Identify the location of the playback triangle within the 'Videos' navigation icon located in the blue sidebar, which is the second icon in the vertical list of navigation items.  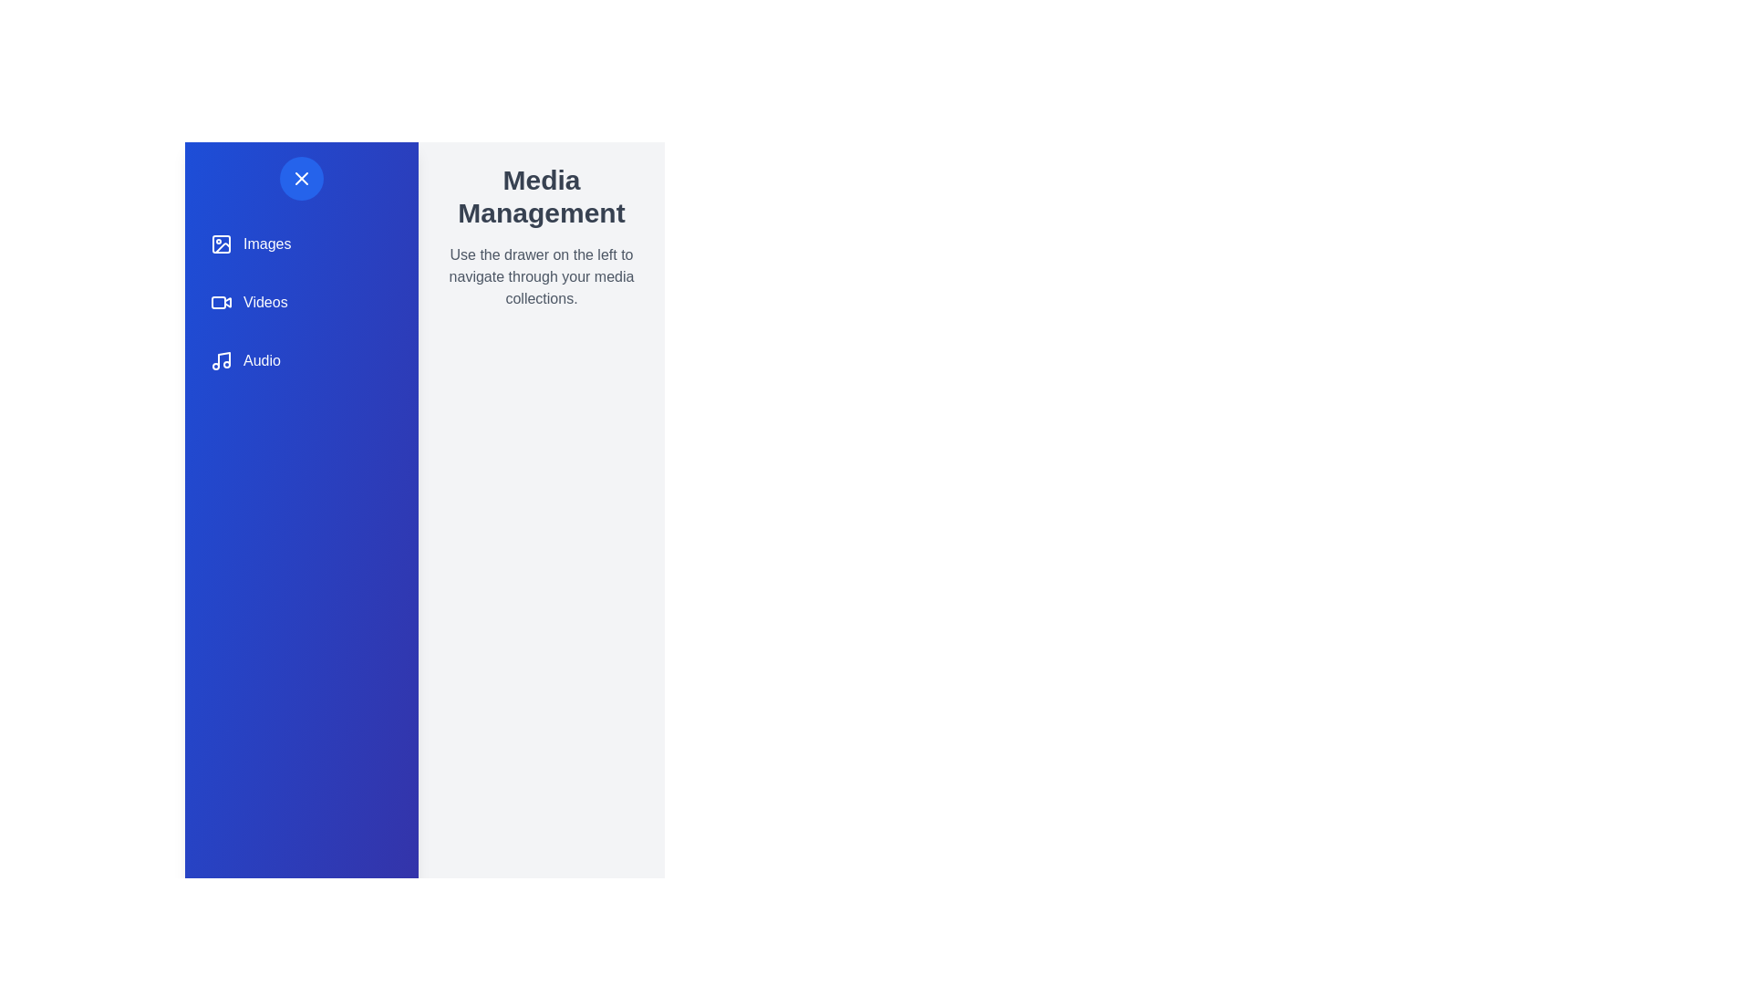
(226, 301).